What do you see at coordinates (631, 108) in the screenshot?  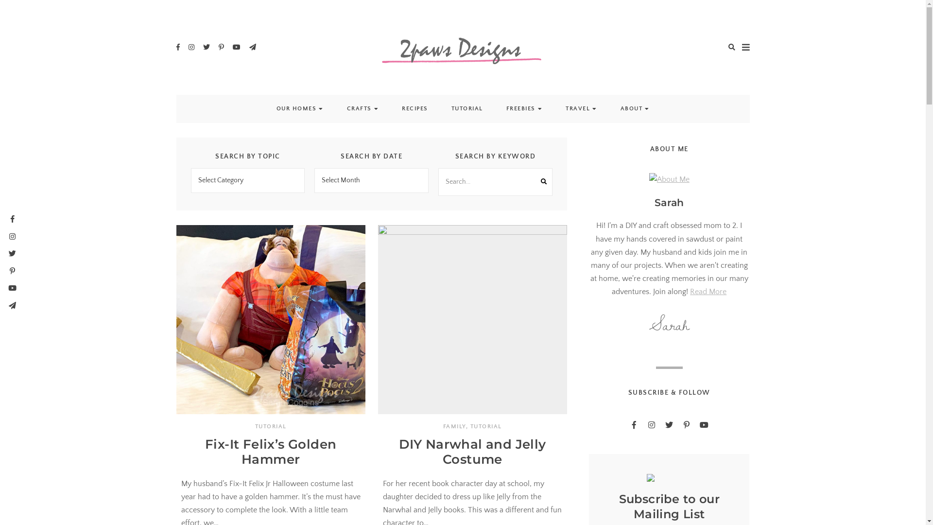 I see `'ABOUT'` at bounding box center [631, 108].